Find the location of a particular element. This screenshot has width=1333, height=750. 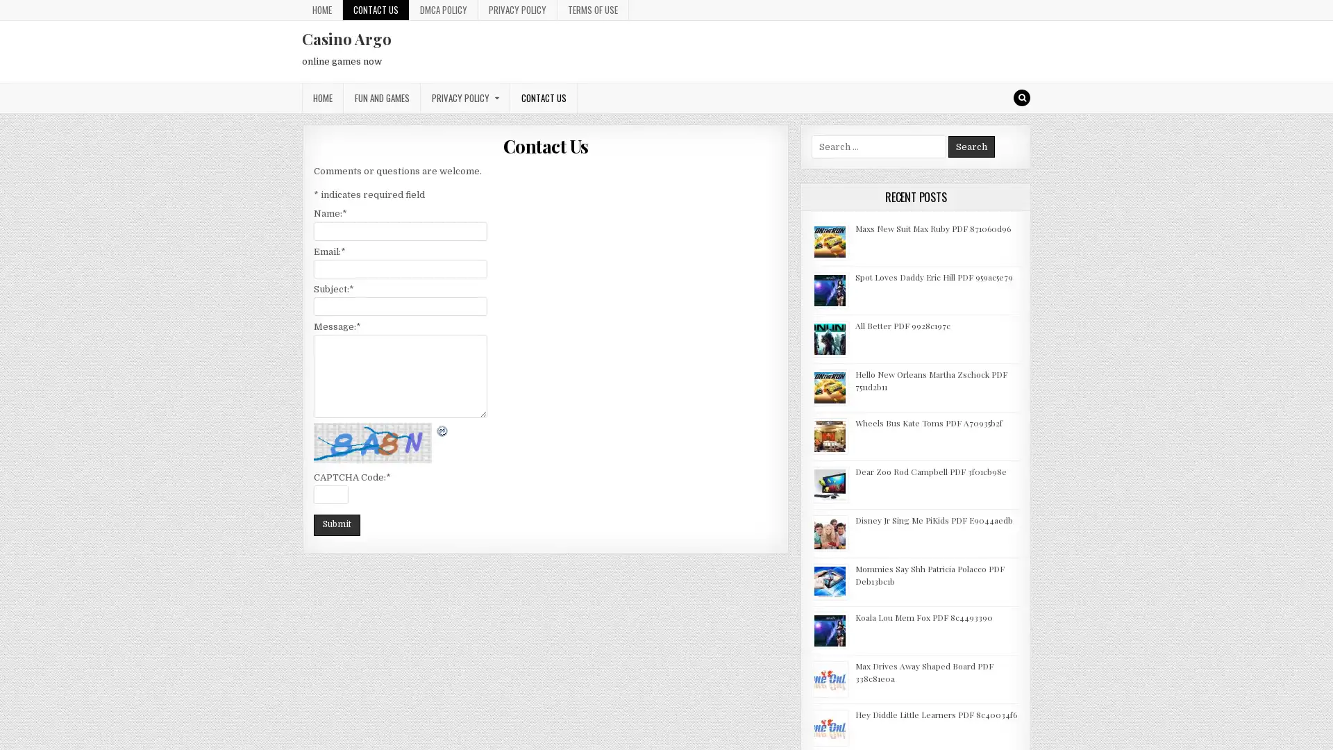

Search is located at coordinates (971, 147).